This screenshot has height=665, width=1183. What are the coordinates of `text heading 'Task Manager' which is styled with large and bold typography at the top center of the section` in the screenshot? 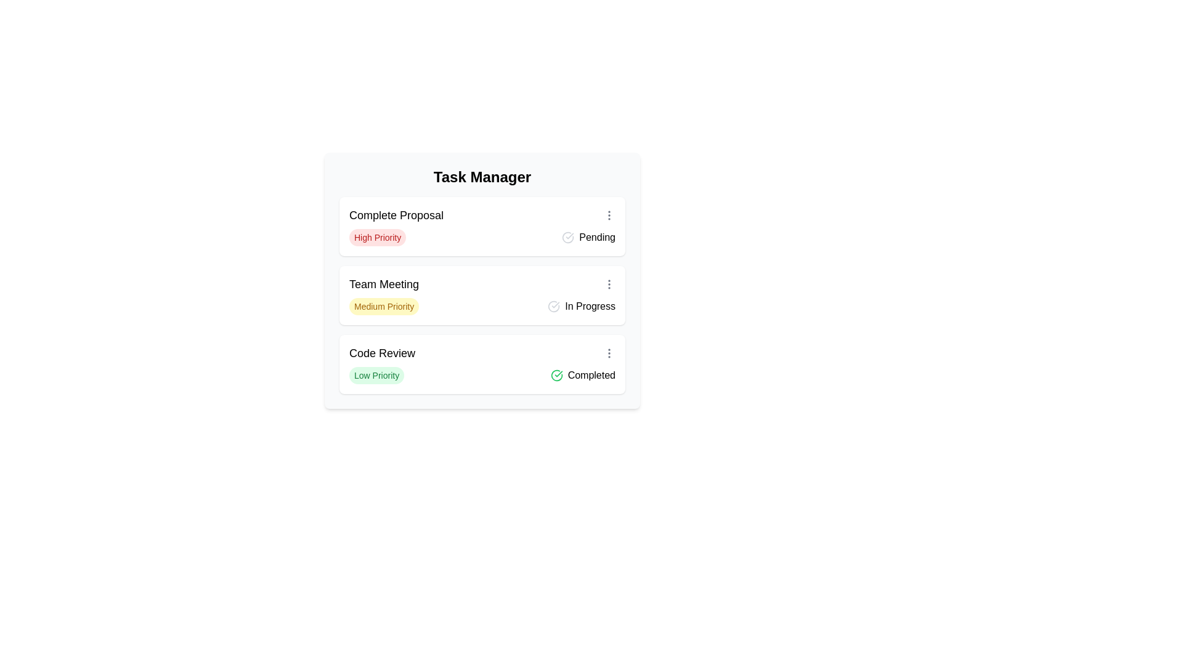 It's located at (481, 177).